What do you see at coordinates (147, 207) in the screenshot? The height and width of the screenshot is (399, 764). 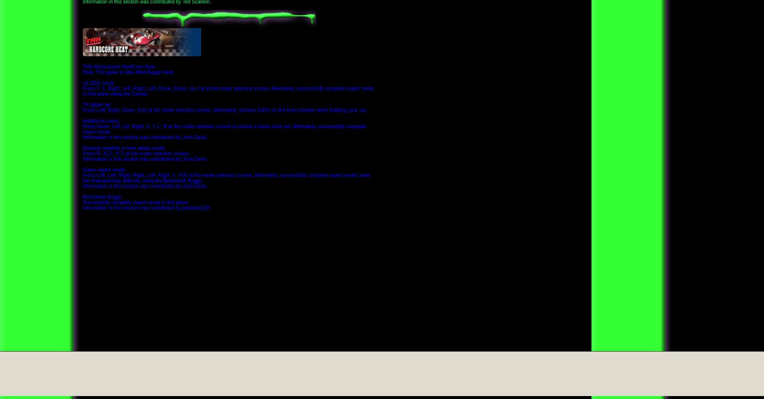 I see `'Information in this section was contributed by parodius128.'` at bounding box center [147, 207].